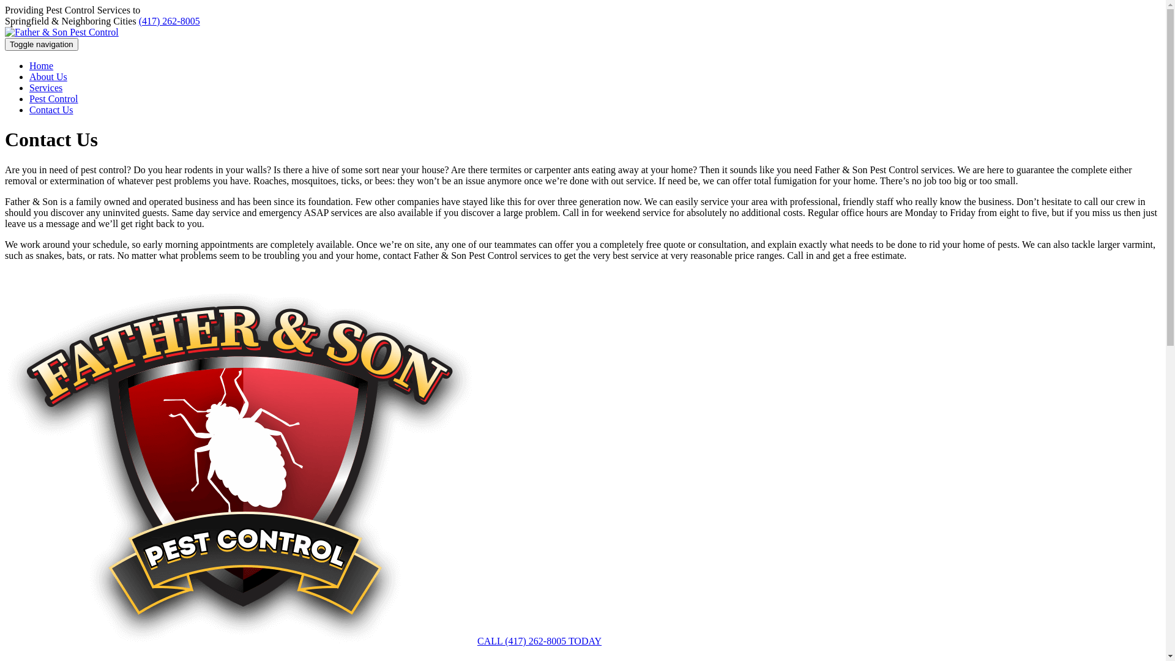  I want to click on 'Toggle navigation', so click(41, 43).